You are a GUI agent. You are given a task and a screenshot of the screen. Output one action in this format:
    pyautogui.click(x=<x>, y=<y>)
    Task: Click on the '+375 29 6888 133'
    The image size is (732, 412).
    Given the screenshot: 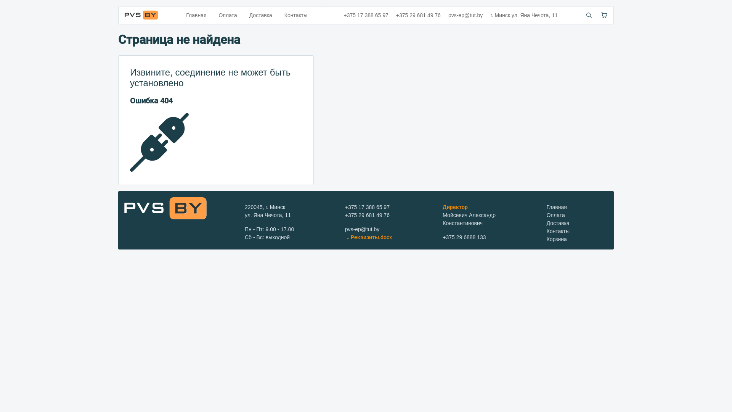 What is the action you would take?
    pyautogui.click(x=464, y=237)
    